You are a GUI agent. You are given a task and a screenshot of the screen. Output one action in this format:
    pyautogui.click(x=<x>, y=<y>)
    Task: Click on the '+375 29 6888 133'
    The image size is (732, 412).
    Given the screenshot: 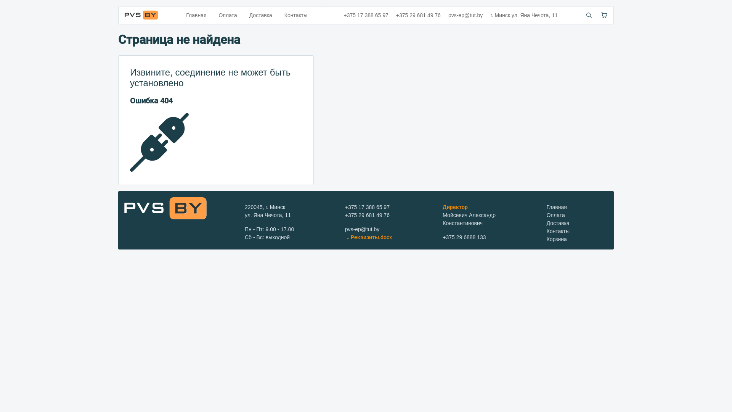 What is the action you would take?
    pyautogui.click(x=464, y=237)
    